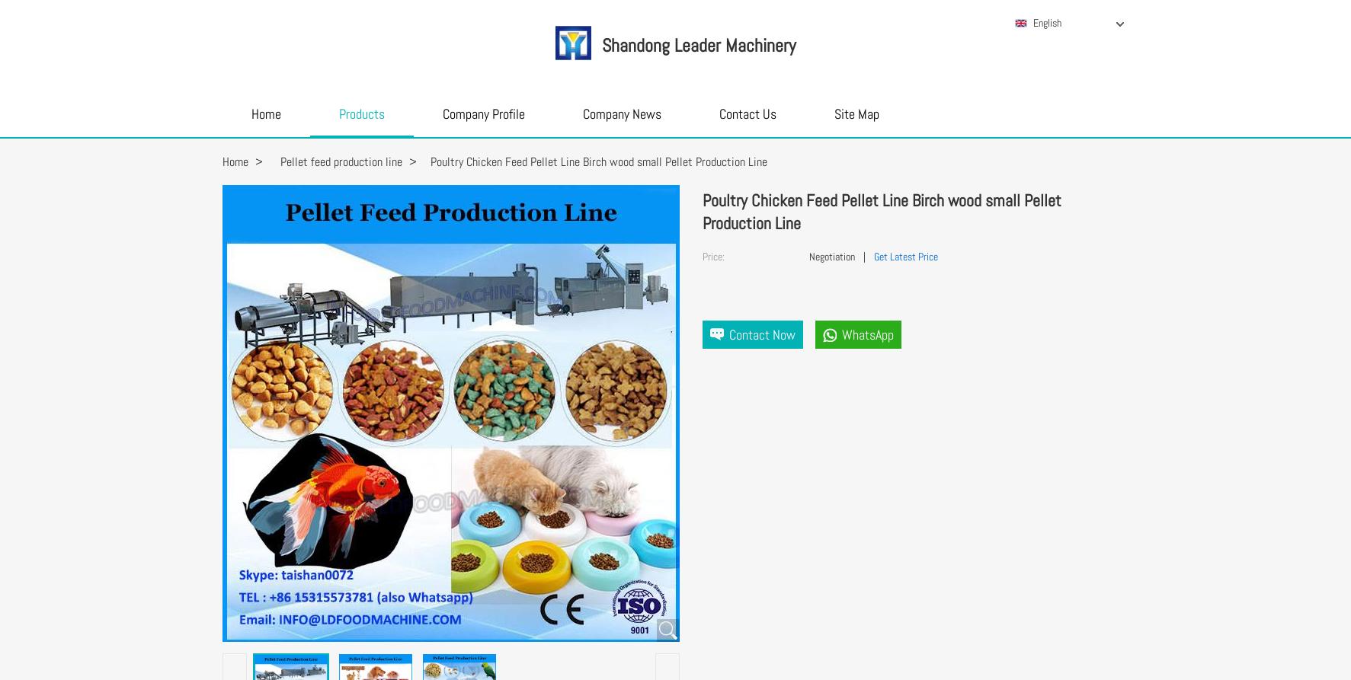 The width and height of the screenshot is (1351, 680). Describe the element at coordinates (601, 45) in the screenshot. I see `'Shandong Leader Machinery'` at that location.